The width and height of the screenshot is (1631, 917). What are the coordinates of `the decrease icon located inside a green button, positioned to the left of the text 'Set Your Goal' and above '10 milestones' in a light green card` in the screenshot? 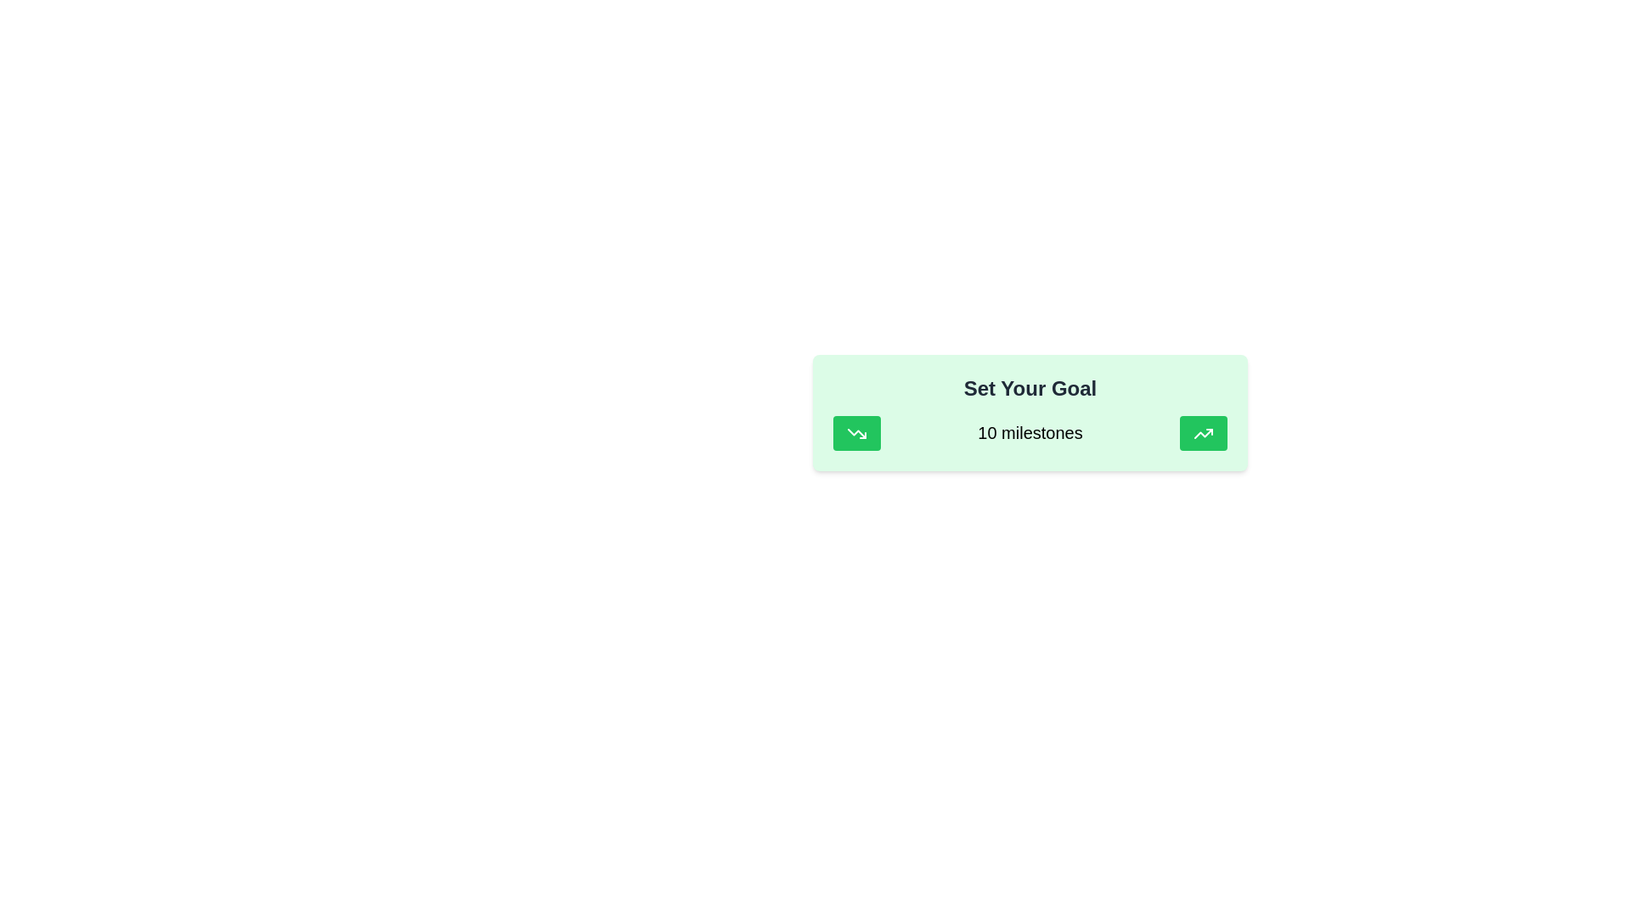 It's located at (856, 431).